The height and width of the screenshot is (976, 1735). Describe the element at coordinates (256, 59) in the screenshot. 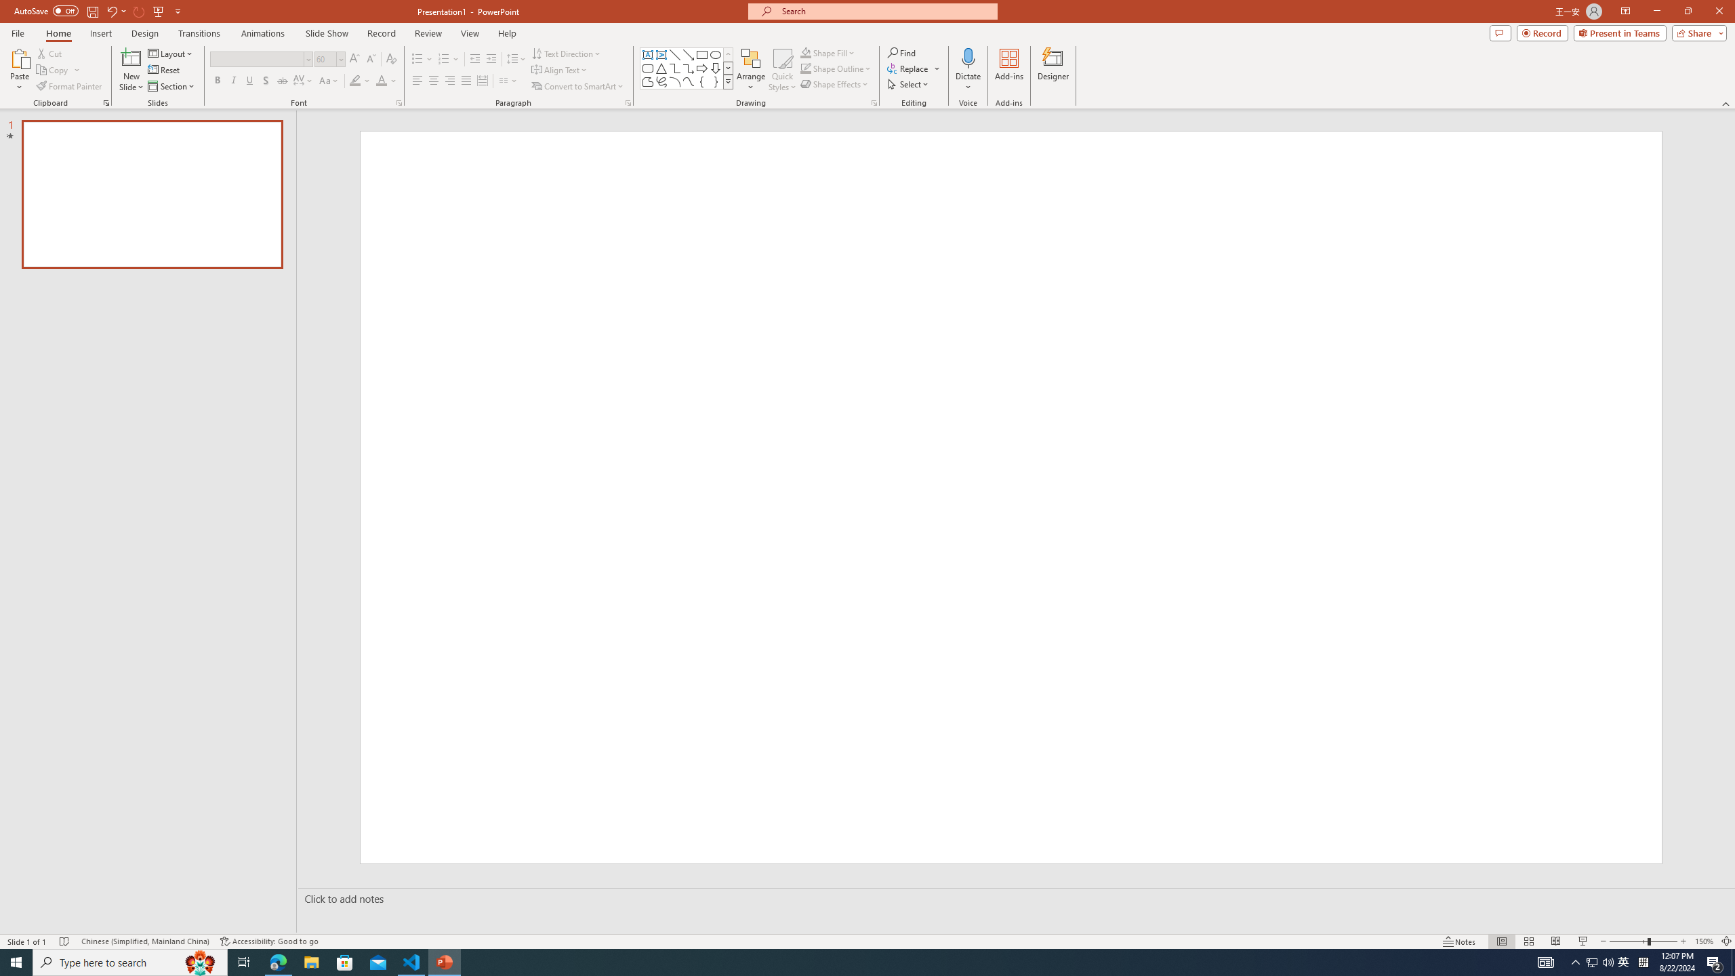

I see `'Font'` at that location.